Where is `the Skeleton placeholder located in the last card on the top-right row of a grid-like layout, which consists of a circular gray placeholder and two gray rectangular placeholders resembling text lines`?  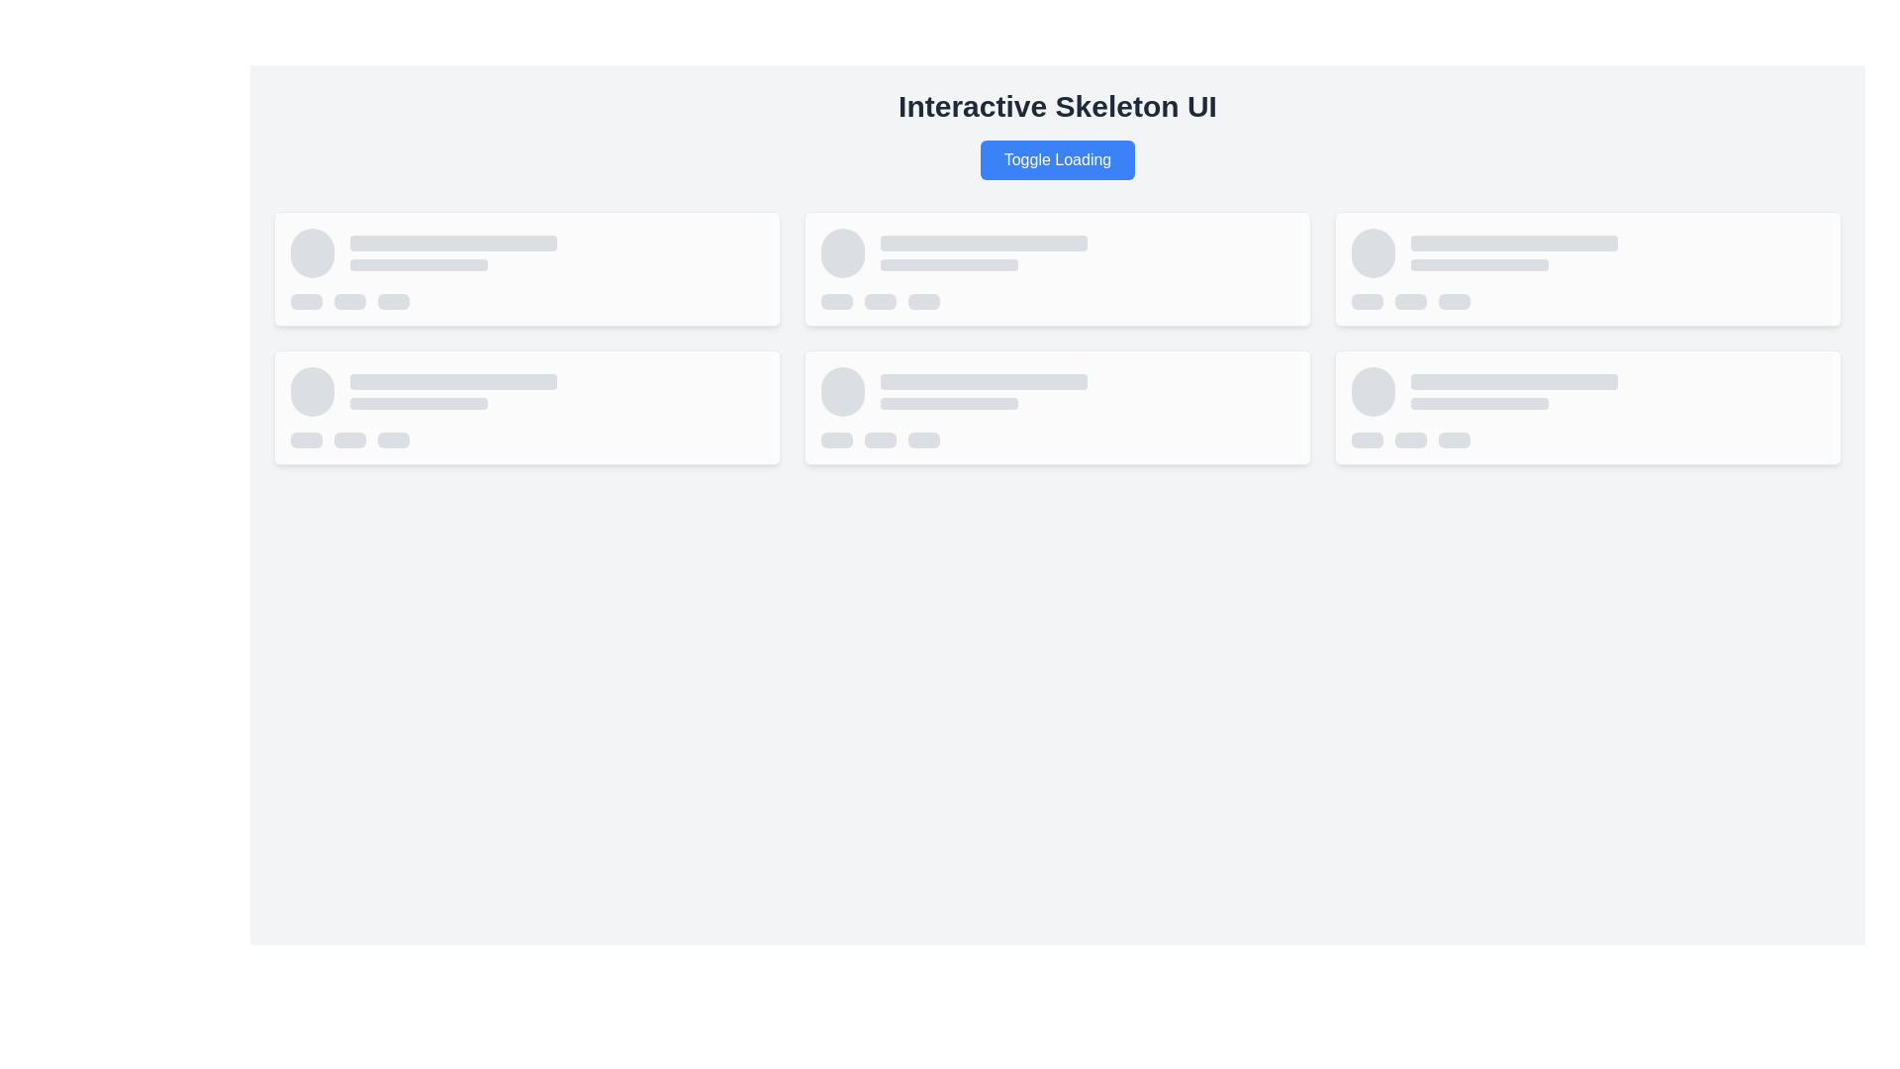
the Skeleton placeholder located in the last card on the top-right row of a grid-like layout, which consists of a circular gray placeholder and two gray rectangular placeholders resembling text lines is located at coordinates (1587, 251).